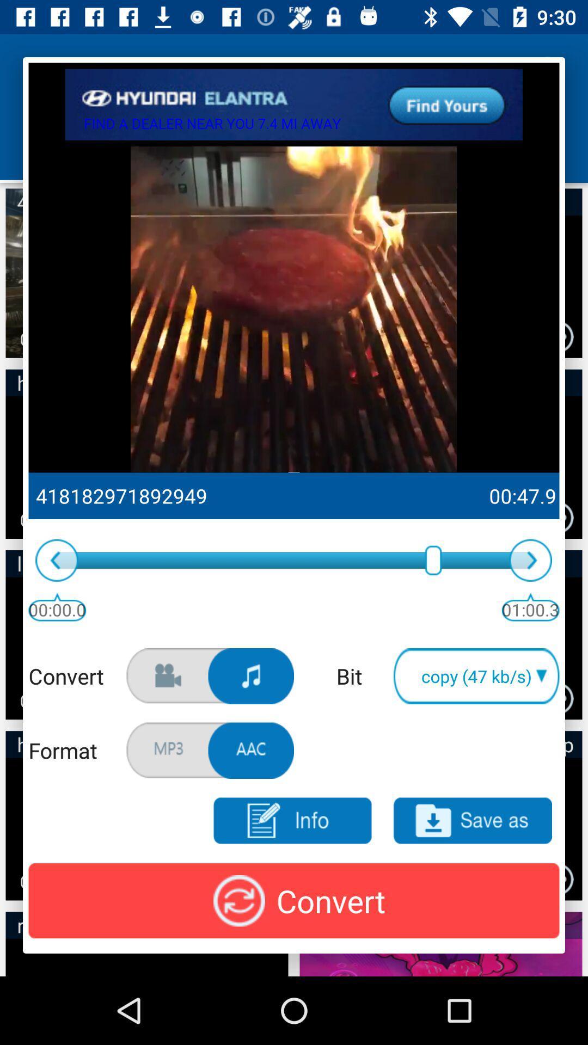 This screenshot has height=1045, width=588. Describe the element at coordinates (294, 104) in the screenshot. I see `advertisements` at that location.